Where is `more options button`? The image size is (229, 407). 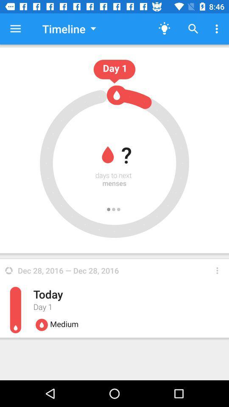
more options button is located at coordinates (217, 270).